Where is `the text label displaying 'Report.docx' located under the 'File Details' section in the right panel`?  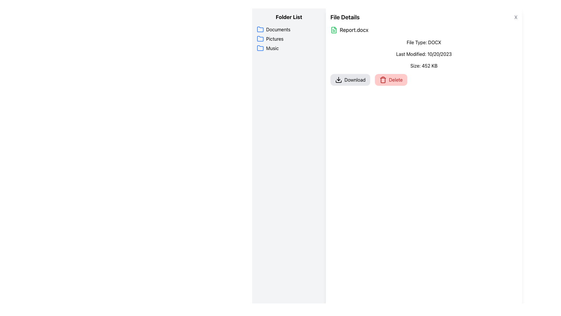 the text label displaying 'Report.docx' located under the 'File Details' section in the right panel is located at coordinates (354, 30).